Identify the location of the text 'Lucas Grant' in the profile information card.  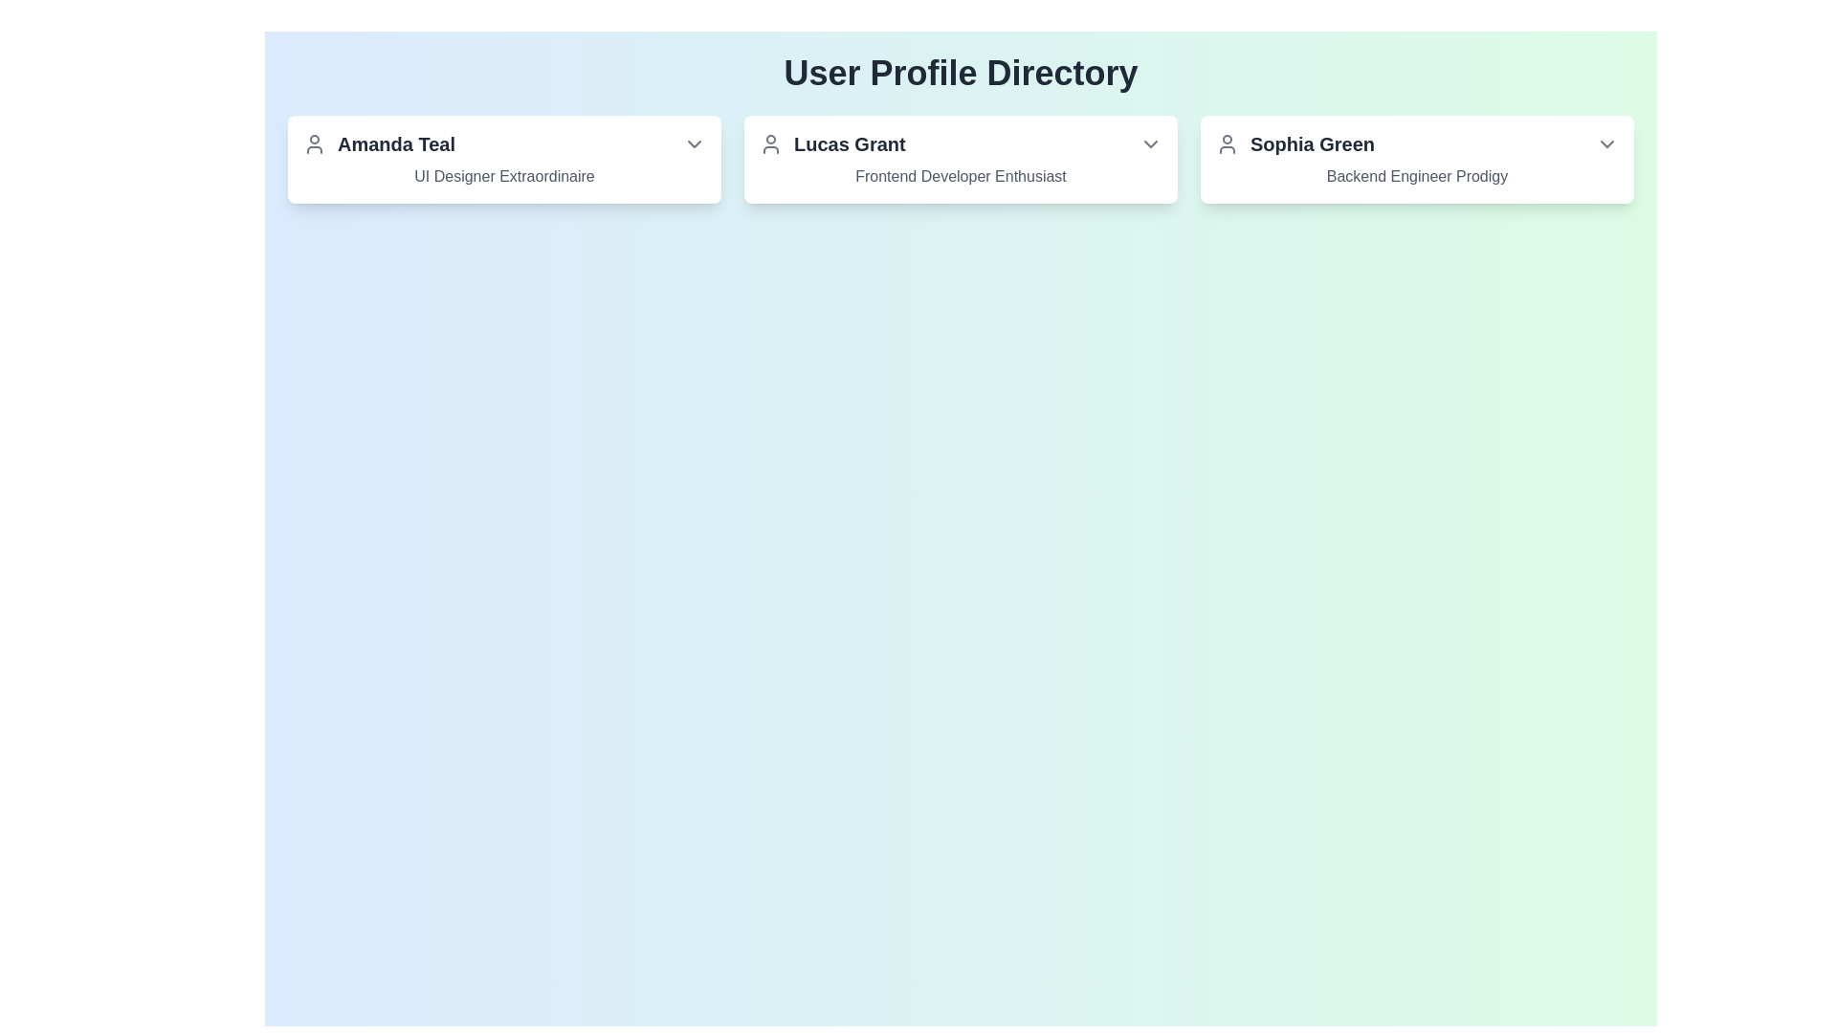
(832, 143).